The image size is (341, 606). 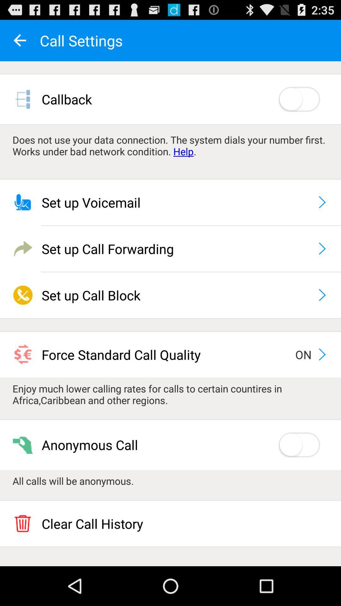 I want to click on the does not use app, so click(x=170, y=145).